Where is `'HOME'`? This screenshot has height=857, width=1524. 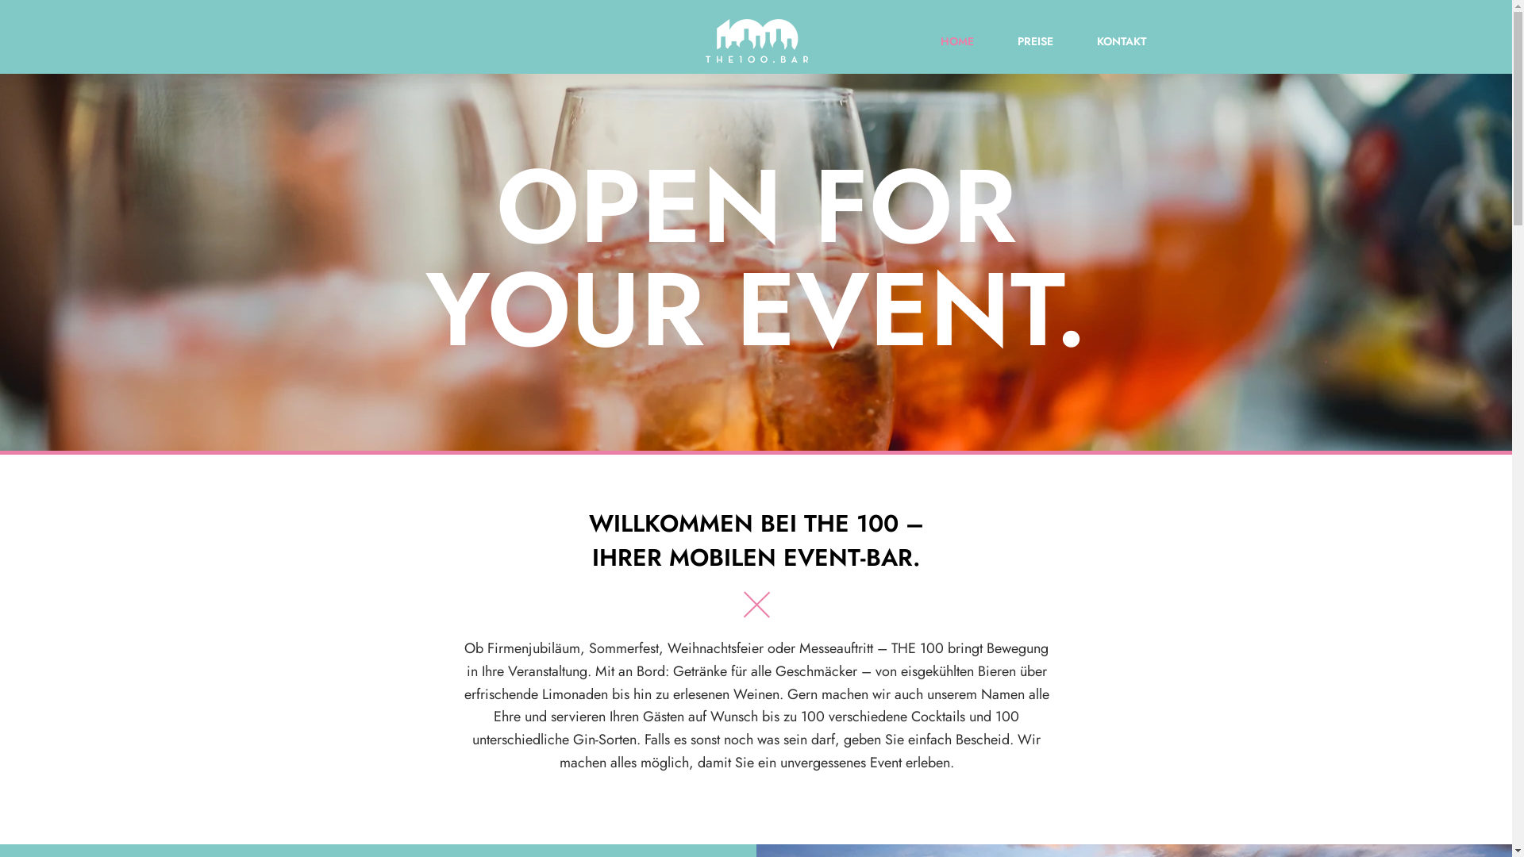
'HOME' is located at coordinates (941, 40).